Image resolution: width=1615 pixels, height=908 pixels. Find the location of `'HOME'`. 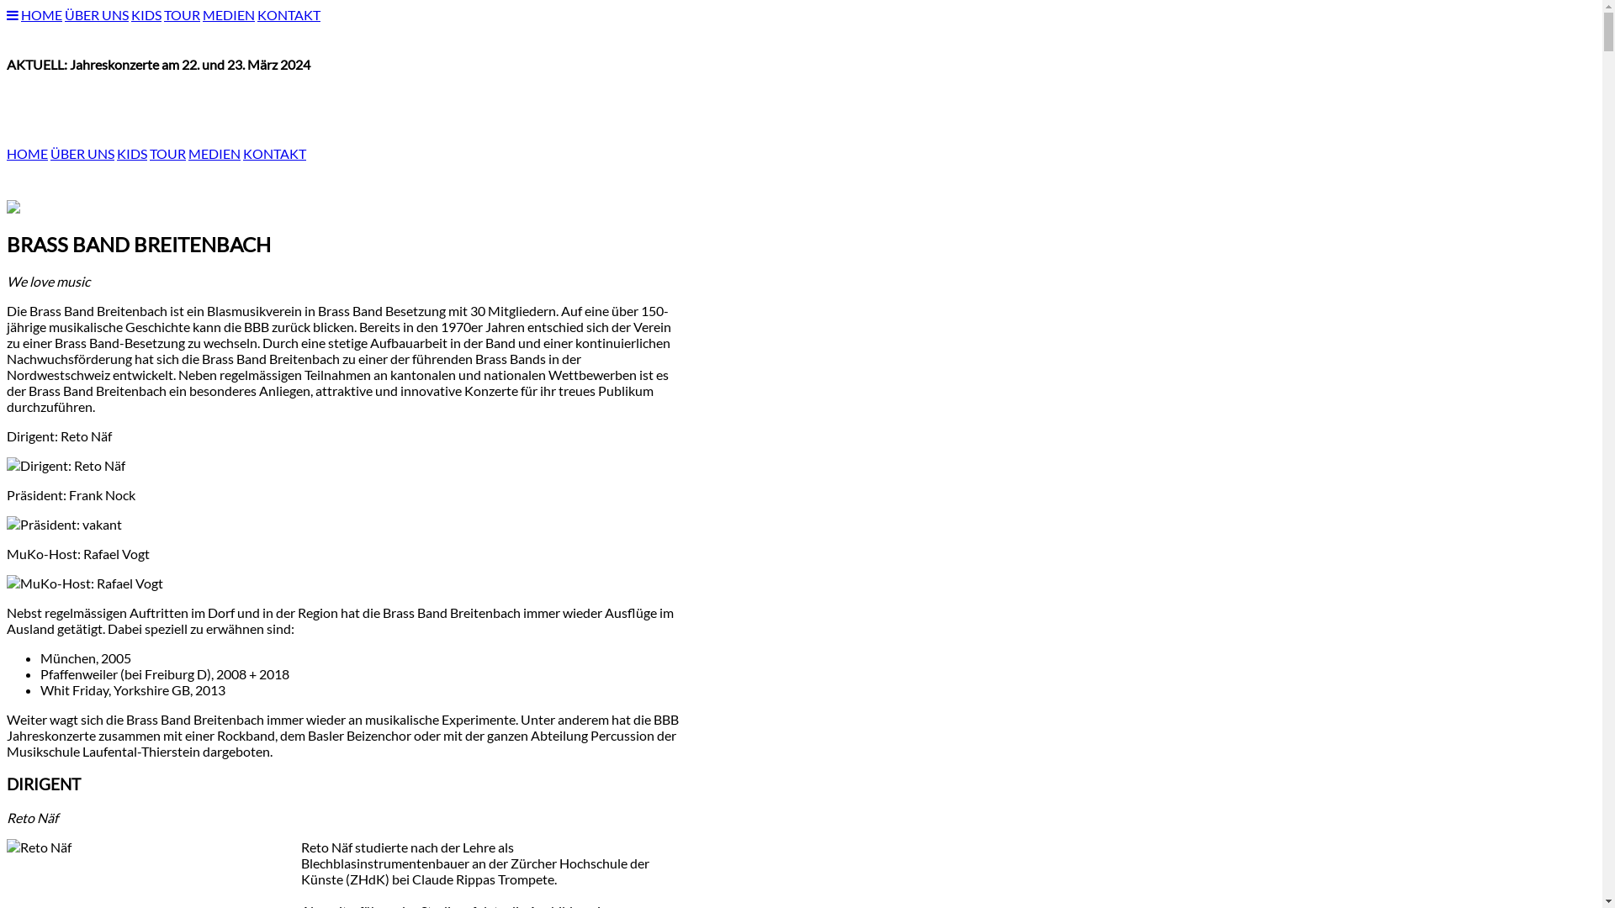

'HOME' is located at coordinates (7, 153).